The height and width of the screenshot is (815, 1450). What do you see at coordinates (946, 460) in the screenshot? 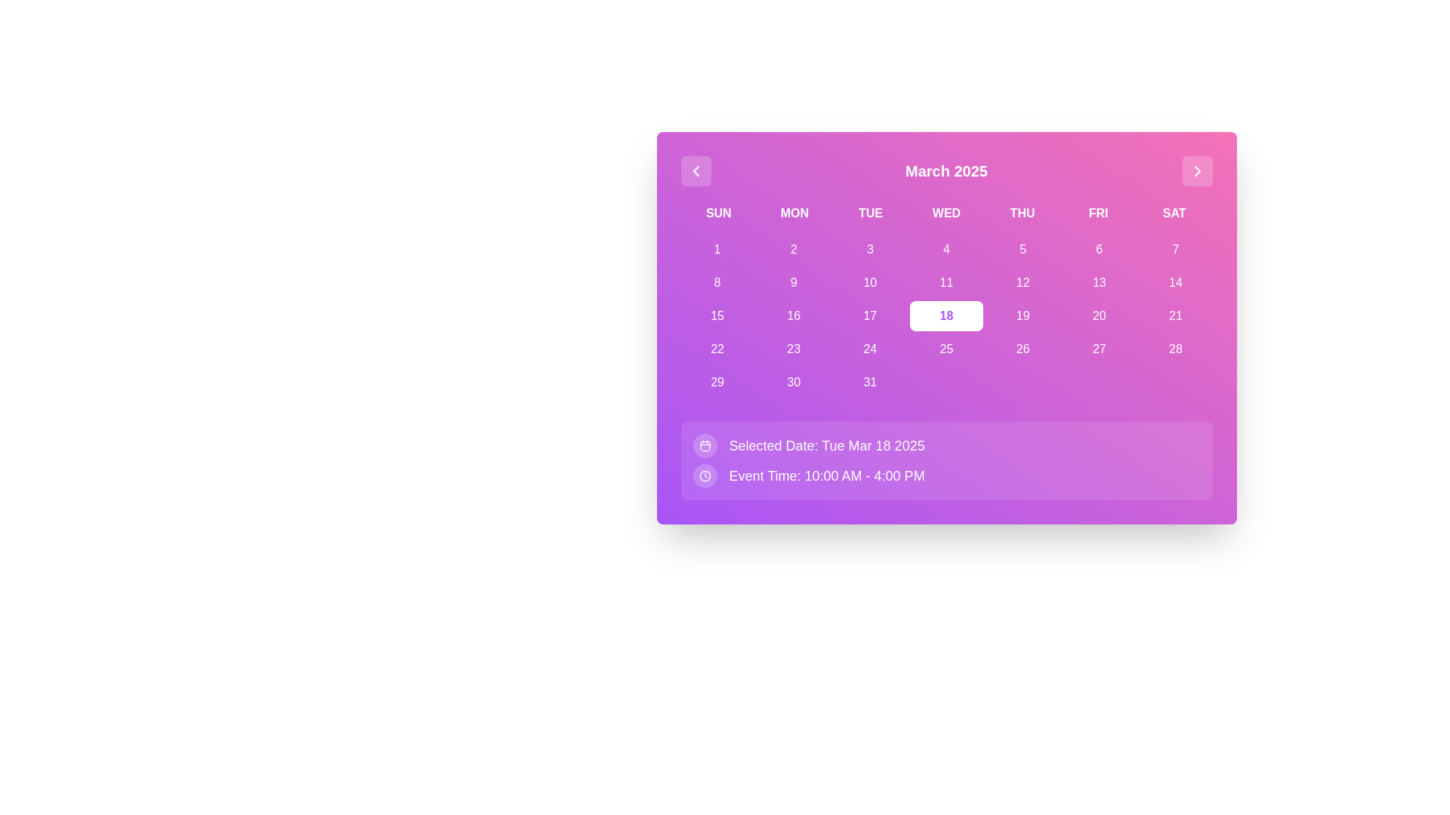
I see `the displayed information in the Information Panel, which shows the selected date and event time with icons` at bounding box center [946, 460].